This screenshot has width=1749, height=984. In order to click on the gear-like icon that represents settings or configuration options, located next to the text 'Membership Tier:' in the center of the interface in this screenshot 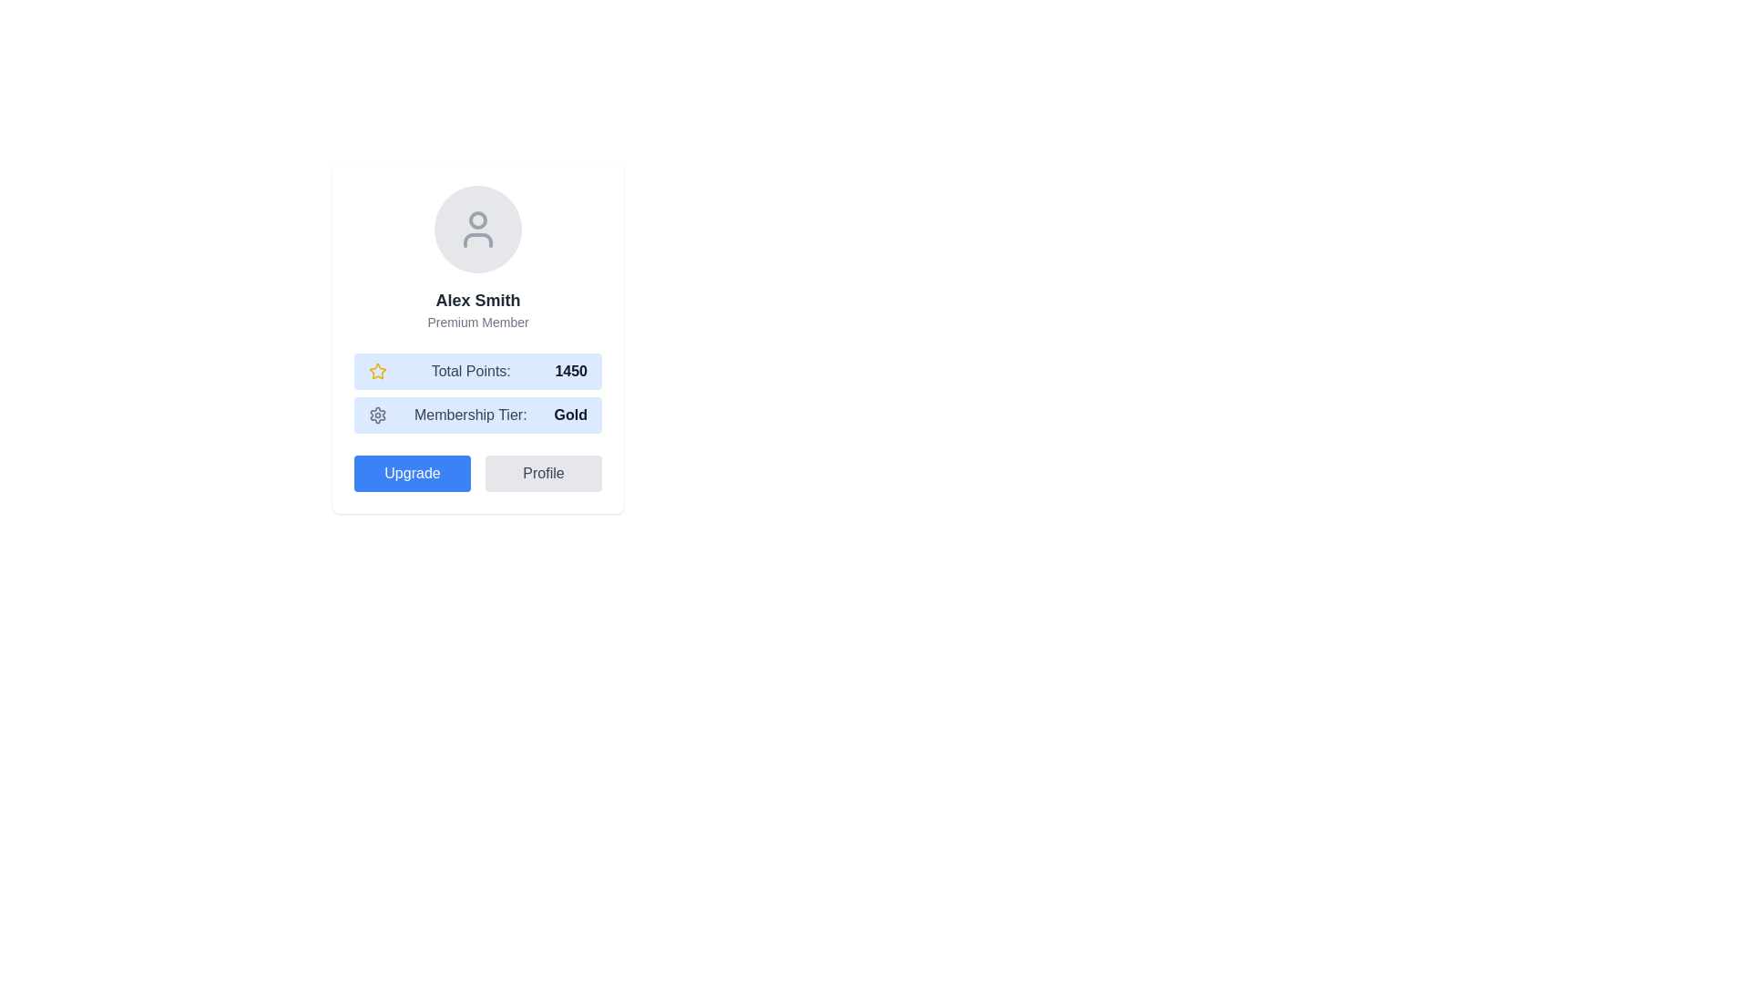, I will do `click(376, 415)`.